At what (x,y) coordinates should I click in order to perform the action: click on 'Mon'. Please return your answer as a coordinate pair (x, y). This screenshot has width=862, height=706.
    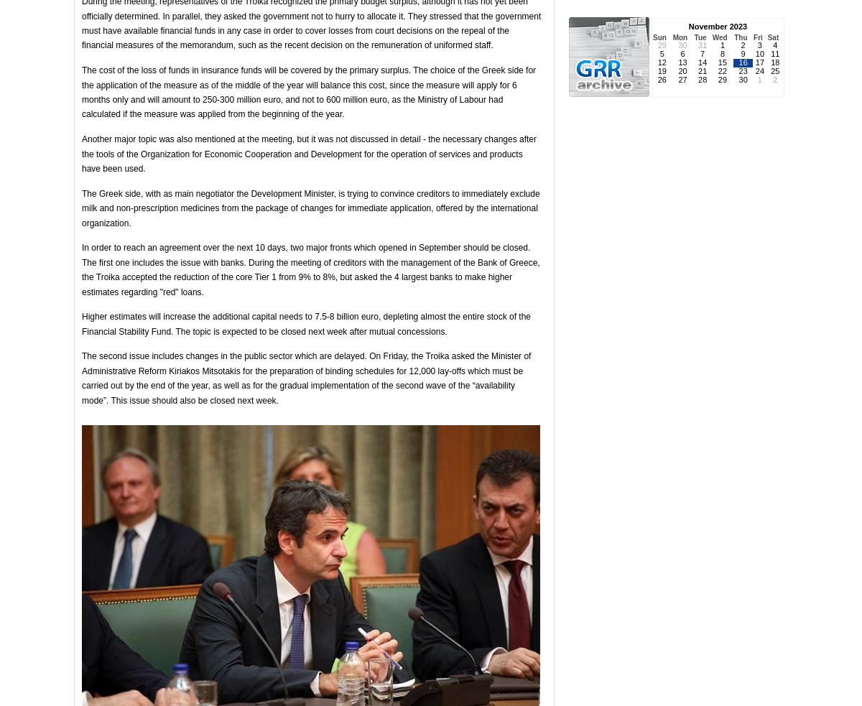
    Looking at the image, I should click on (680, 37).